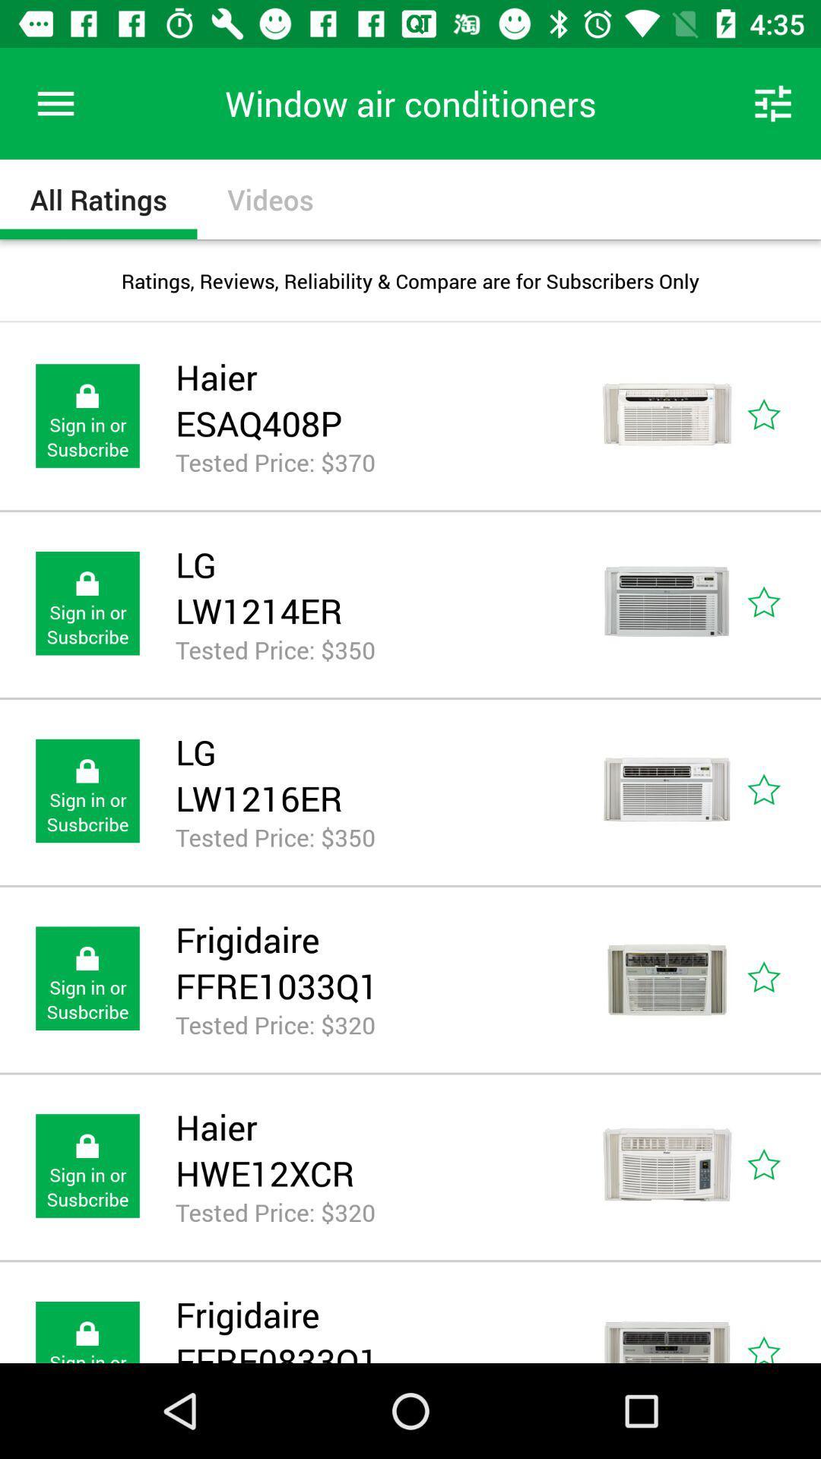 This screenshot has width=821, height=1459. I want to click on to favorites, so click(781, 416).